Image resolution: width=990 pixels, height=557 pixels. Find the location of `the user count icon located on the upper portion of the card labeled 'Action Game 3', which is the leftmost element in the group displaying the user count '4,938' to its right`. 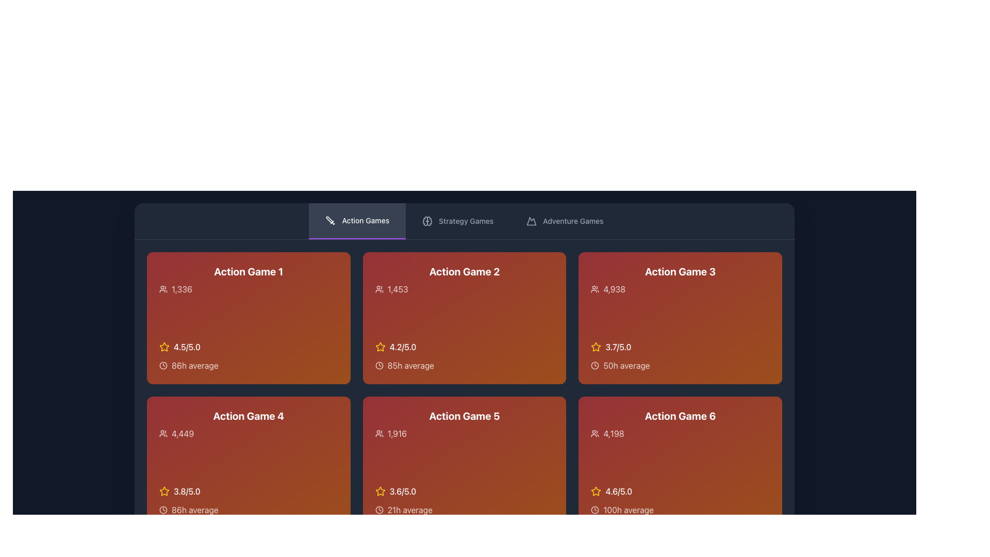

the user count icon located on the upper portion of the card labeled 'Action Game 3', which is the leftmost element in the group displaying the user count '4,938' to its right is located at coordinates (595, 289).